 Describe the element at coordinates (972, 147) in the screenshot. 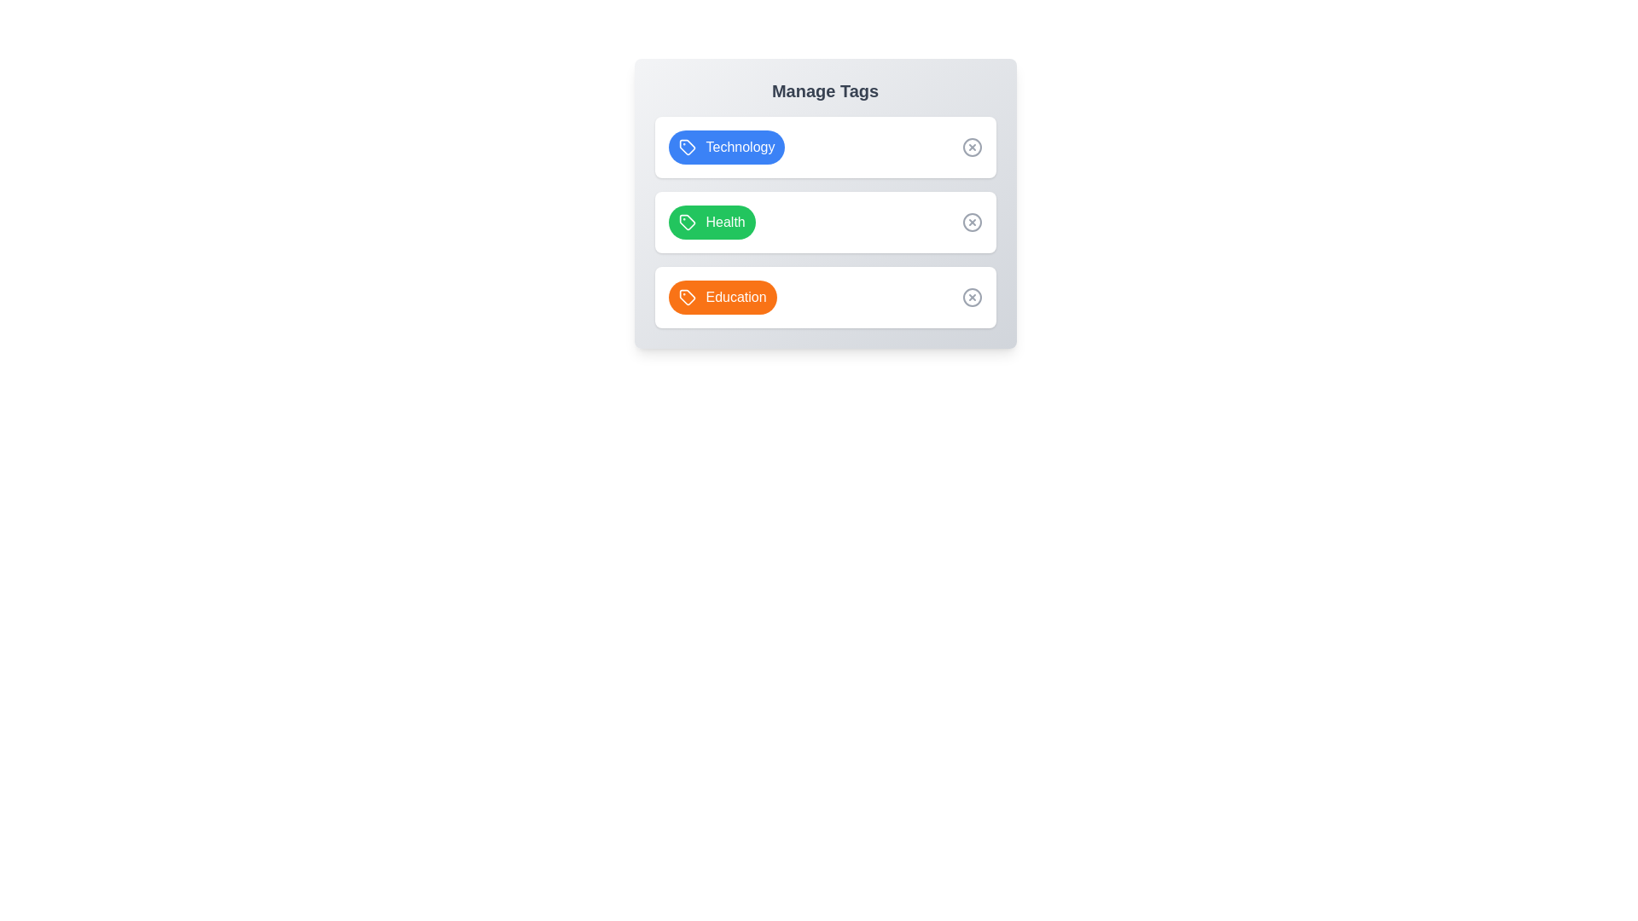

I see `close button for the tag labeled Technology` at that location.